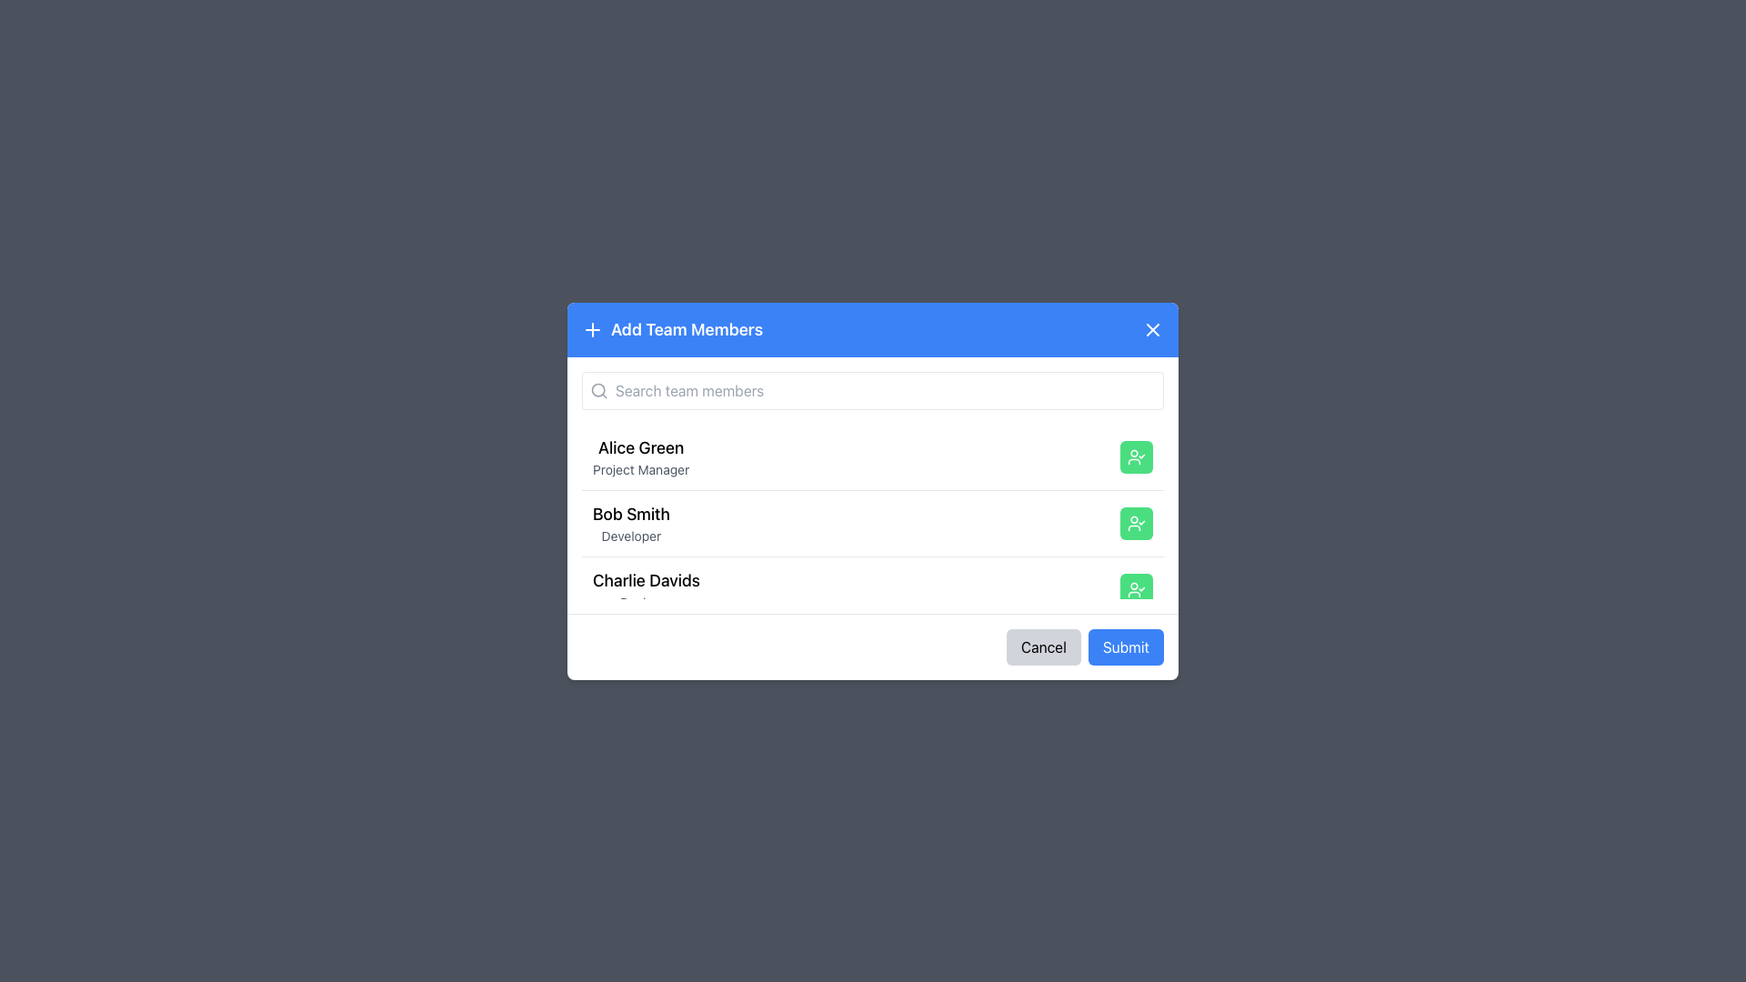 This screenshot has height=982, width=1746. What do you see at coordinates (1135, 456) in the screenshot?
I see `the green rectangular button with rounded corners featuring a white user icon and checkmark symbol` at bounding box center [1135, 456].